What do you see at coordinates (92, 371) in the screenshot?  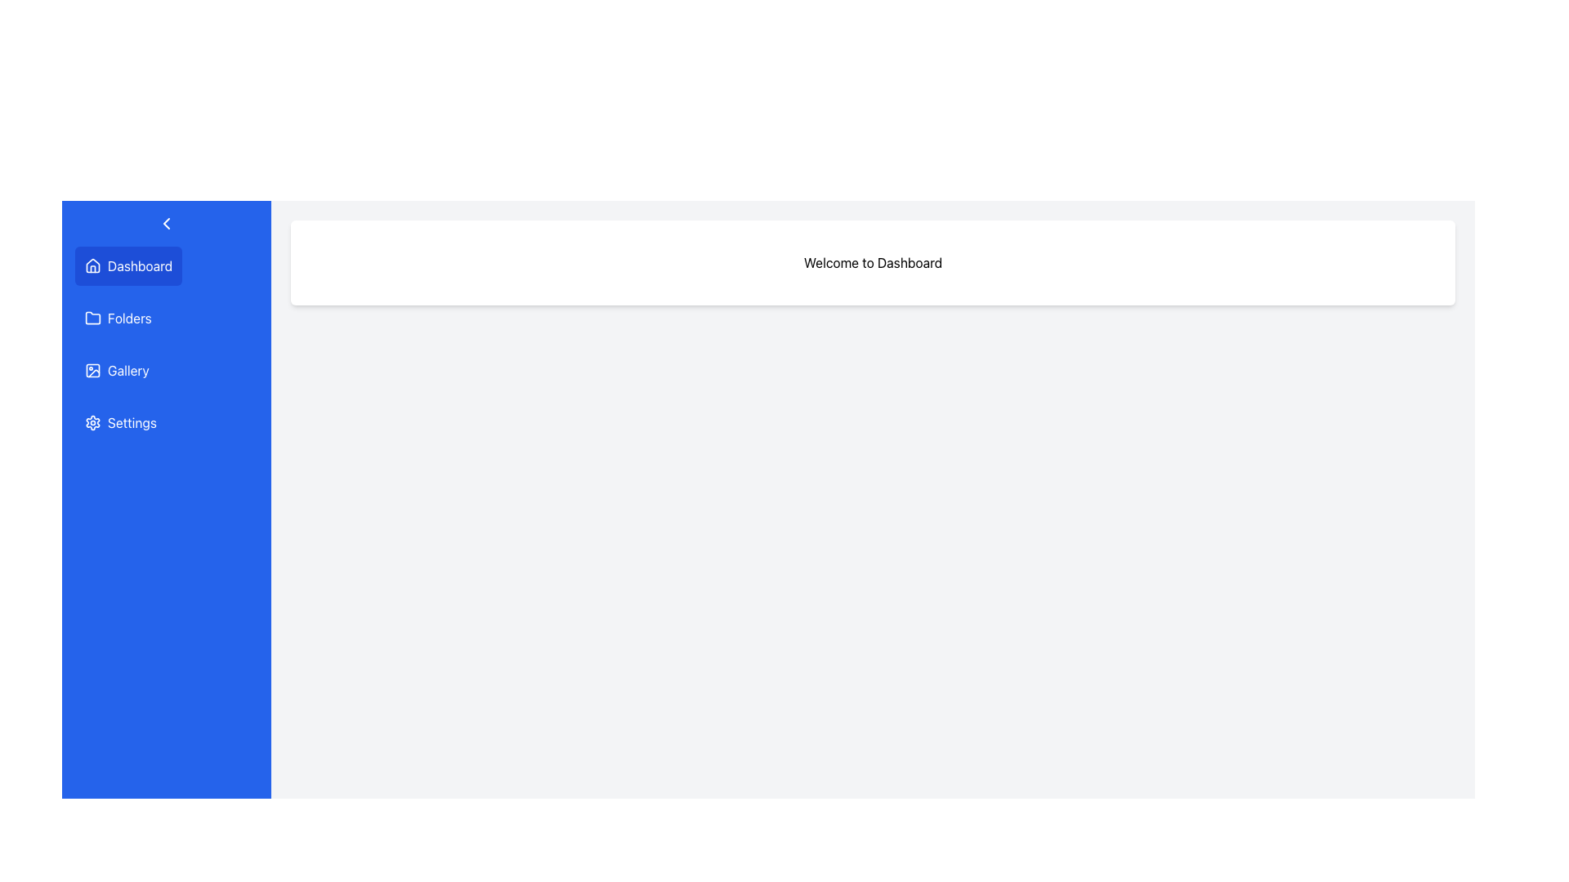 I see `the graphical component that represents a specific aspect of the Gallery icon, located at the center of the third item in the vertical navigation bar on the left sidebar` at bounding box center [92, 371].